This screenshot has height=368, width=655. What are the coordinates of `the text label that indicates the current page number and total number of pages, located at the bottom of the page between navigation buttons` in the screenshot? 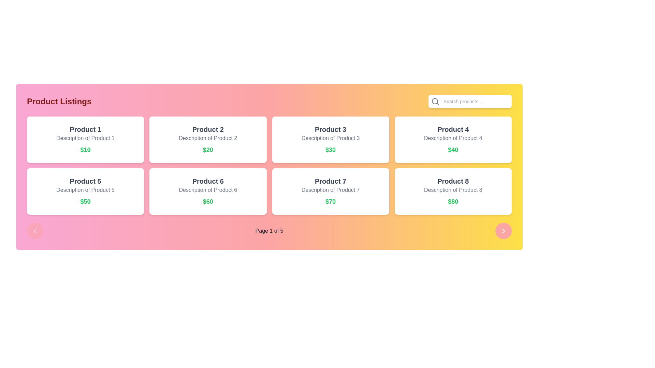 It's located at (269, 231).